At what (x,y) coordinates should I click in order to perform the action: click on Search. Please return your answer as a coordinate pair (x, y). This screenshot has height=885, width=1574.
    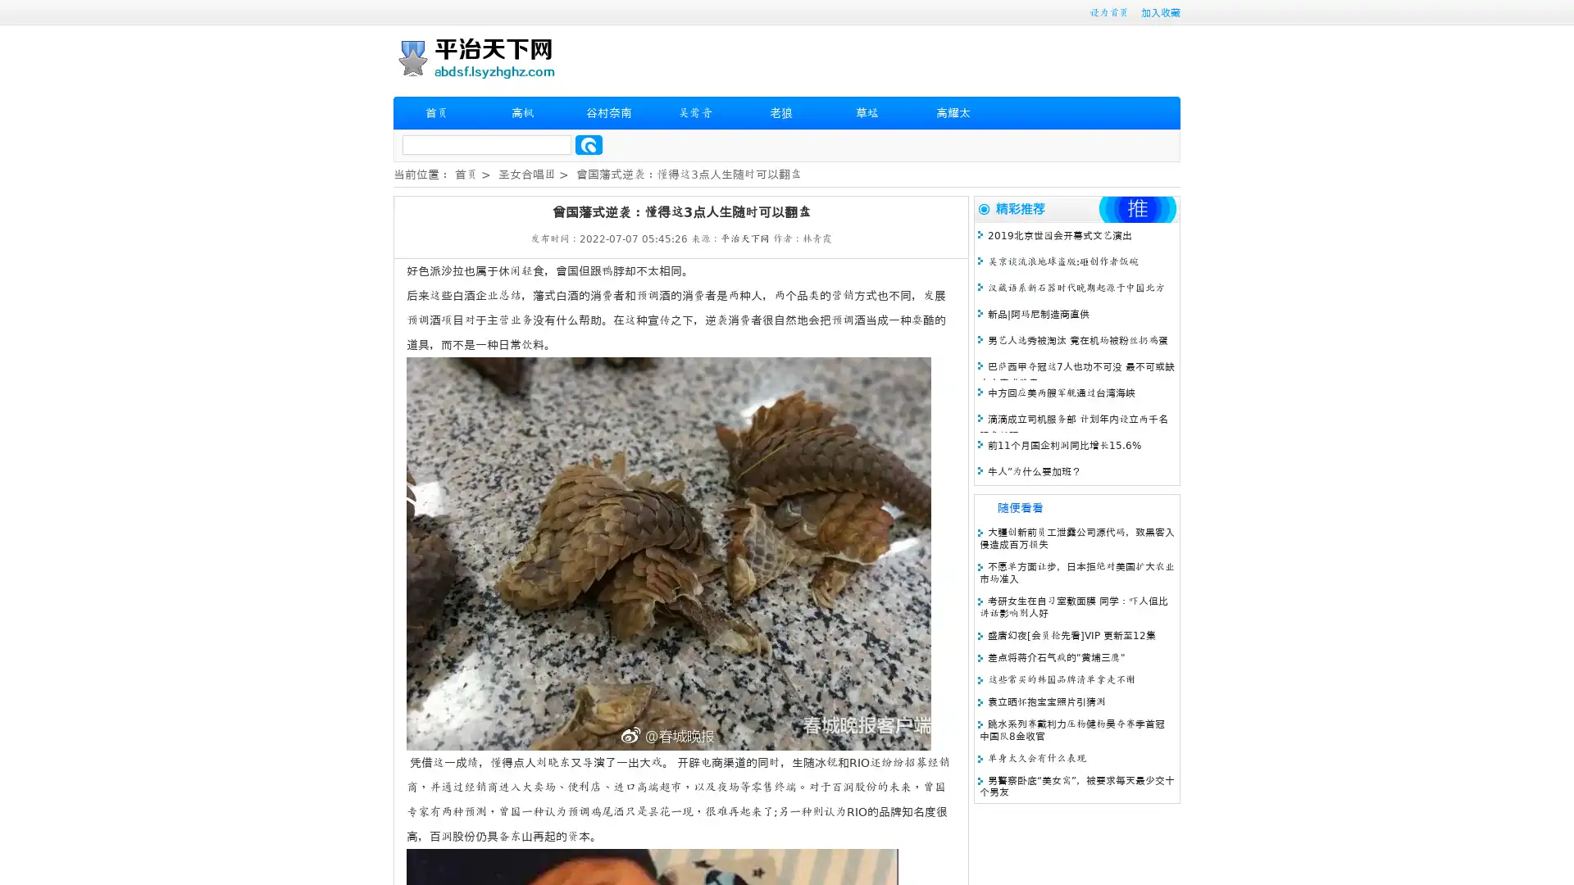
    Looking at the image, I should click on (589, 144).